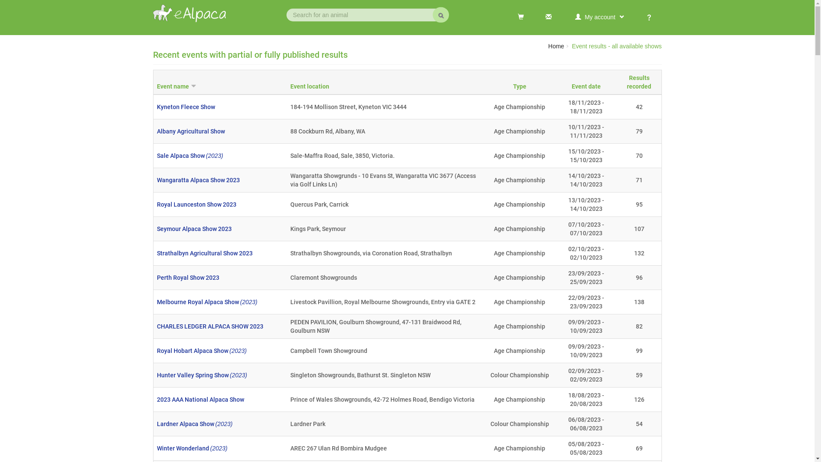  Describe the element at coordinates (185, 107) in the screenshot. I see `'Kyneton Fleece Show'` at that location.